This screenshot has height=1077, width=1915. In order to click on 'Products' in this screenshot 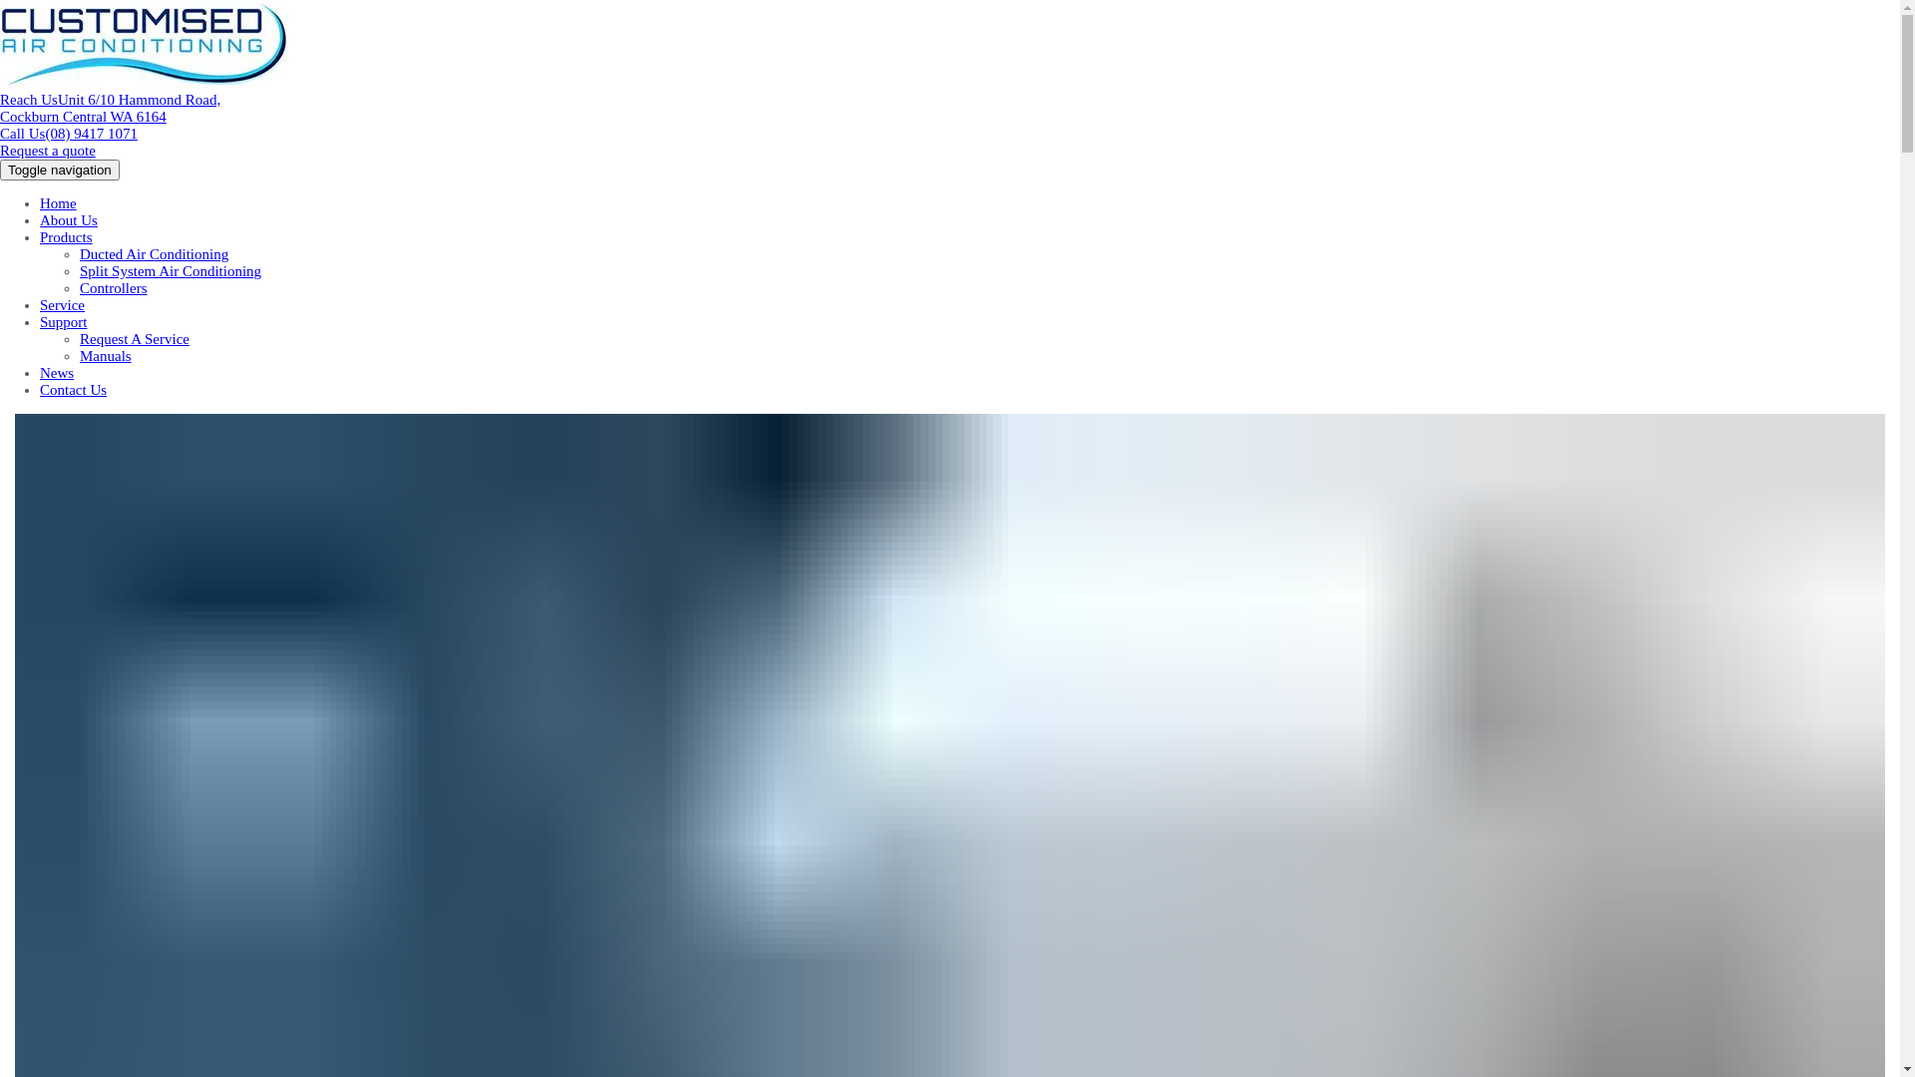, I will do `click(66, 236)`.